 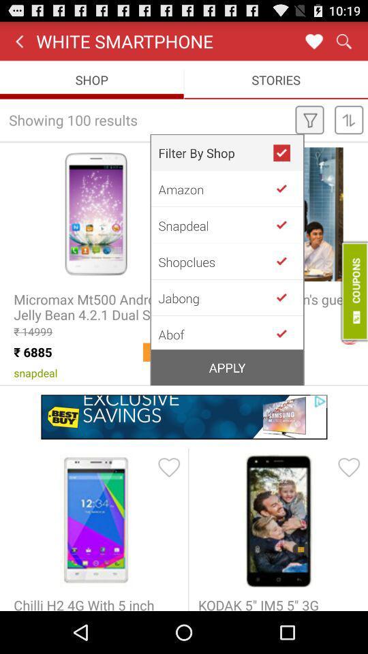 I want to click on filter by snapdeal shop, so click(x=286, y=225).